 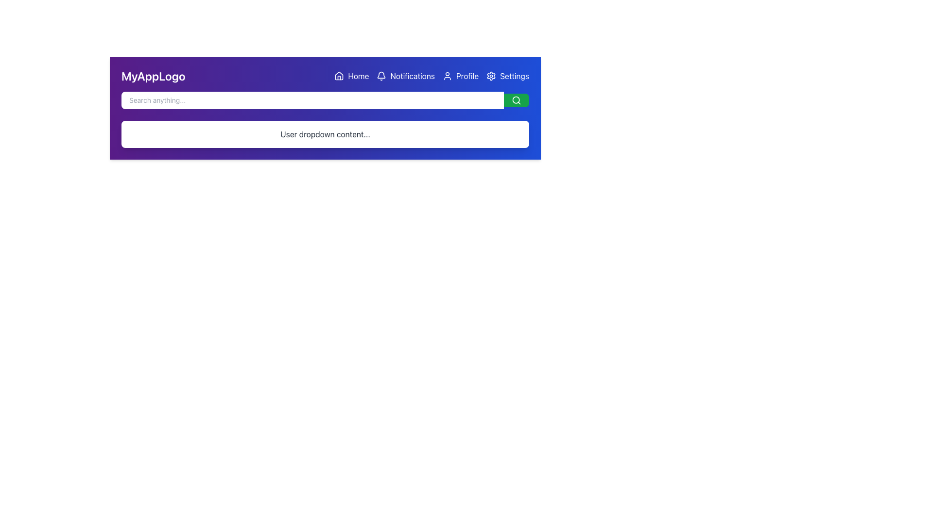 I want to click on the content within the rectangular dropdown section that contains the text 'User dropdown content...' positioned below the search bar, so click(x=325, y=134).